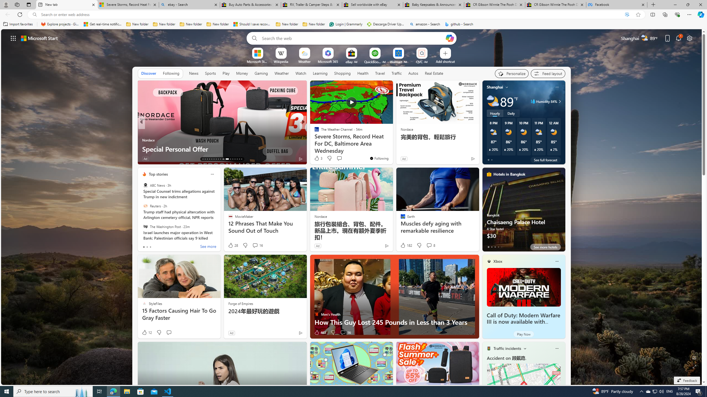 The width and height of the screenshot is (707, 397). Describe the element at coordinates (653, 4) in the screenshot. I see `'New Tab'` at that location.